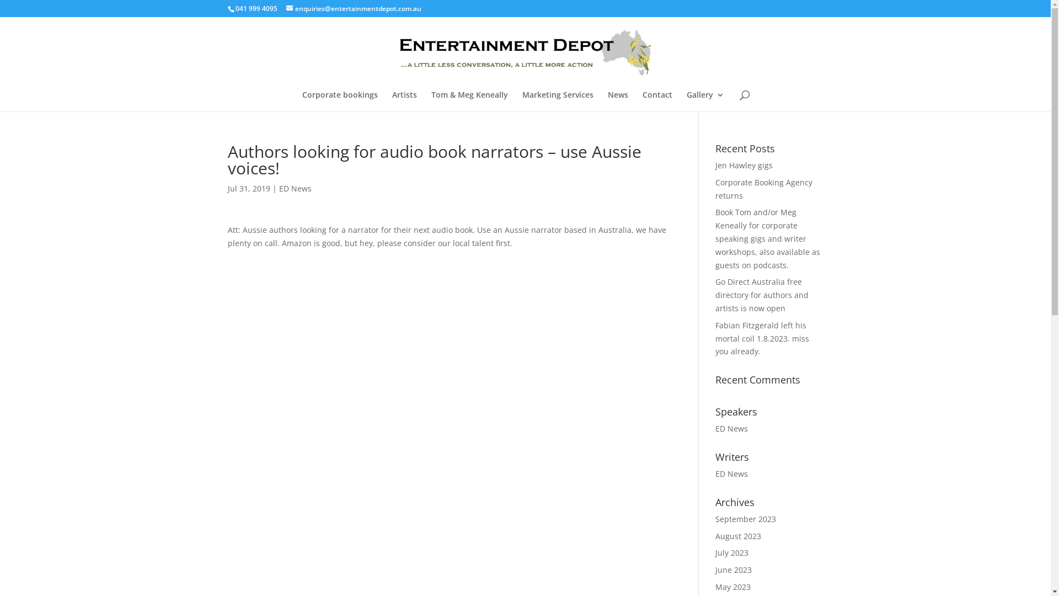 The height and width of the screenshot is (596, 1059). What do you see at coordinates (339, 101) in the screenshot?
I see `'Corporate bookings'` at bounding box center [339, 101].